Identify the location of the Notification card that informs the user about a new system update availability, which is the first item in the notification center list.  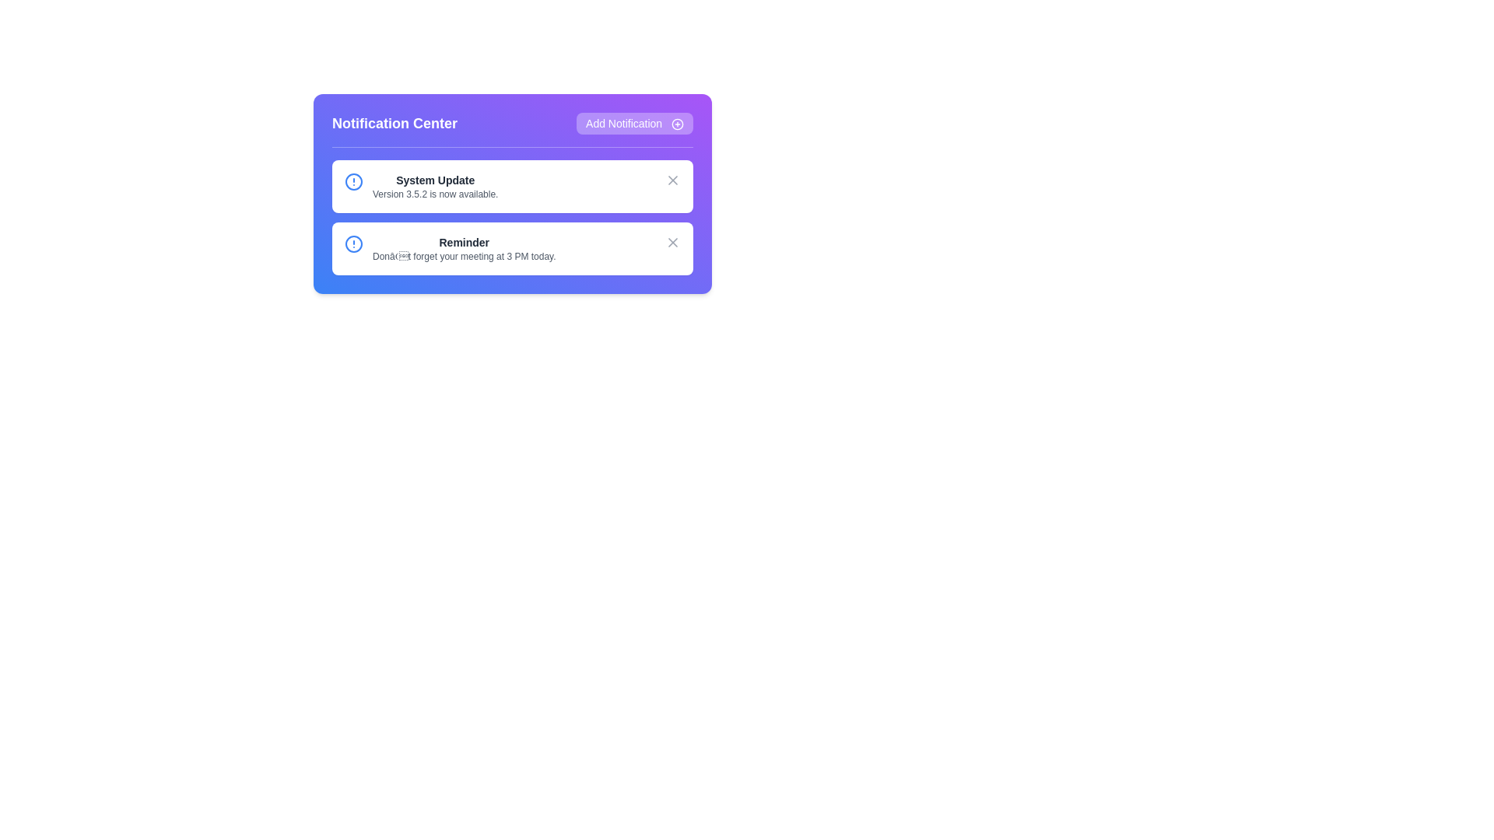
(512, 185).